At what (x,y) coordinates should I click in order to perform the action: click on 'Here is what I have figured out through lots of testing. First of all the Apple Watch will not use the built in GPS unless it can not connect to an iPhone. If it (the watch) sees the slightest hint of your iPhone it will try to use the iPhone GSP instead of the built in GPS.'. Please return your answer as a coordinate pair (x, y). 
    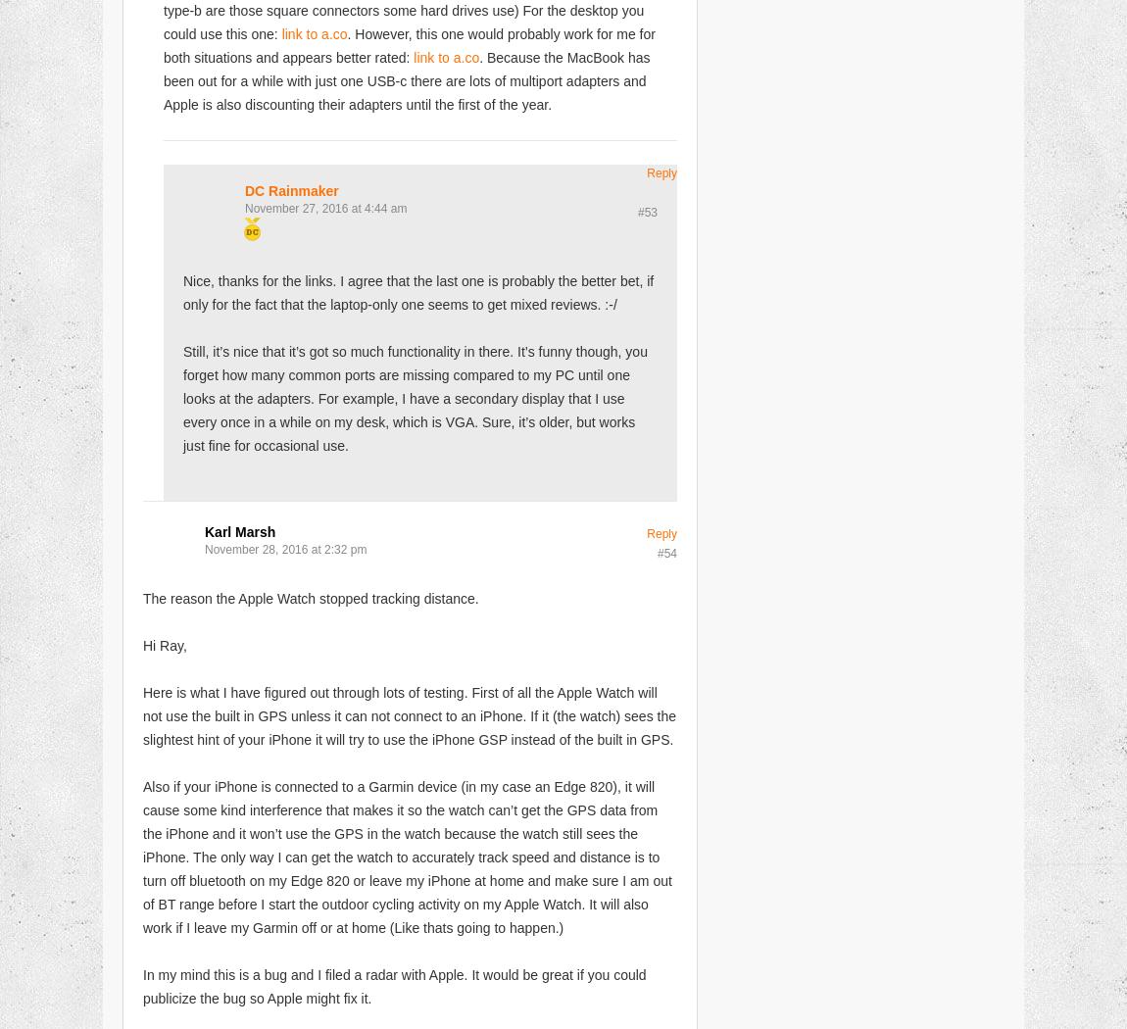
    Looking at the image, I should click on (409, 713).